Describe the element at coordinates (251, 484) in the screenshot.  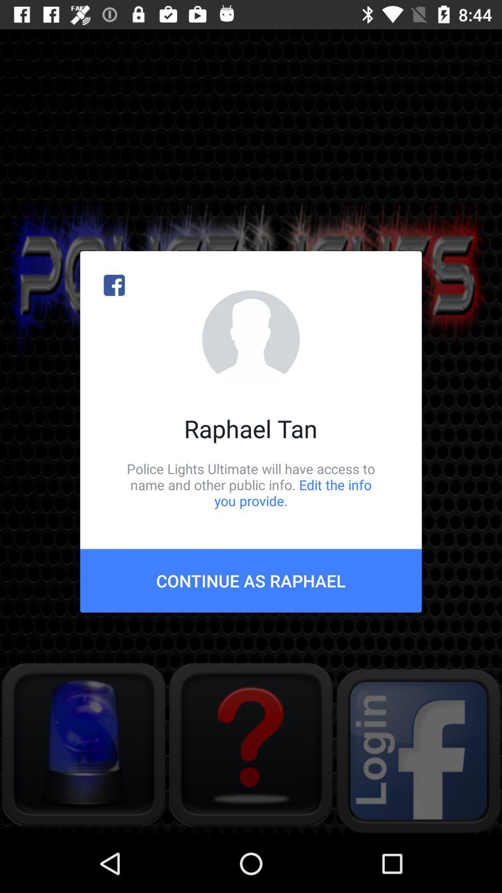
I see `the police lights ultimate icon` at that location.